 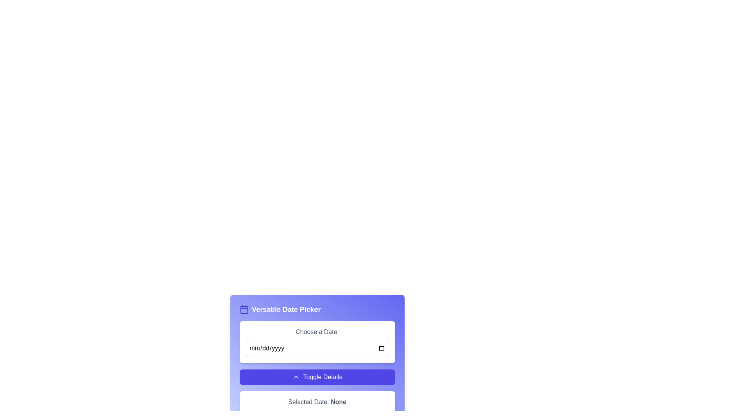 What do you see at coordinates (338, 402) in the screenshot?
I see `text label 'None' which is bold and dark gray, located at the right end of the line 'Selected Date:' under the section labeled 'Toggle Details'` at bounding box center [338, 402].